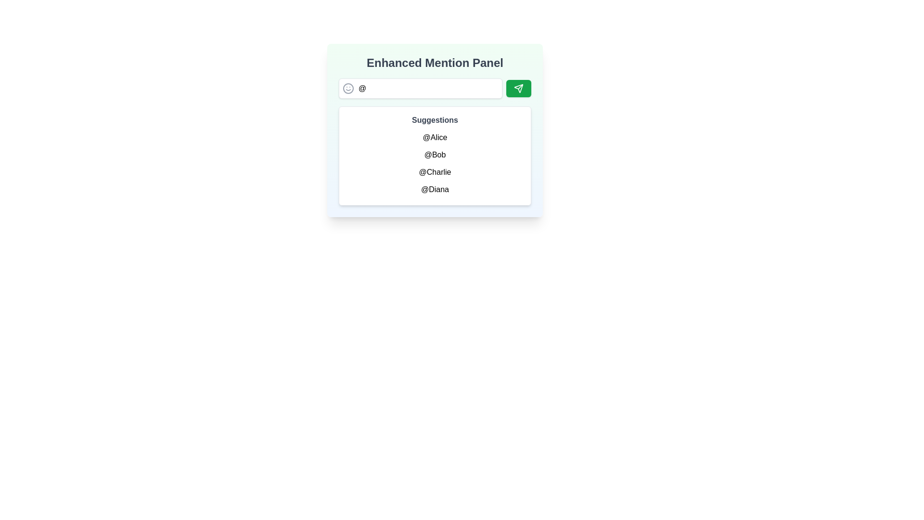  What do you see at coordinates (434, 130) in the screenshot?
I see `a suggestion in the 'Enhanced Mention Panel'` at bounding box center [434, 130].